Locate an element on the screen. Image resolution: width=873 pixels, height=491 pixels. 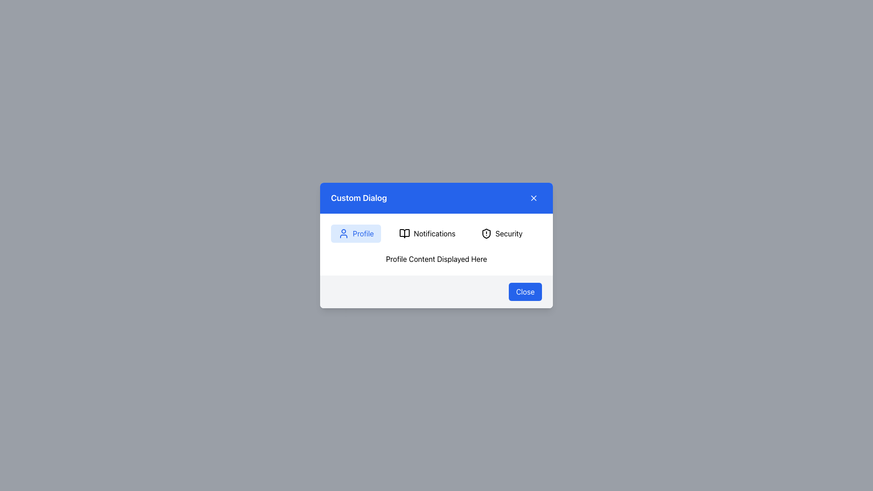
the 'Security' navigation item, which is a button labeled 'Security' with a shield icon, located in the third position of the navigation row is located at coordinates (501, 233).